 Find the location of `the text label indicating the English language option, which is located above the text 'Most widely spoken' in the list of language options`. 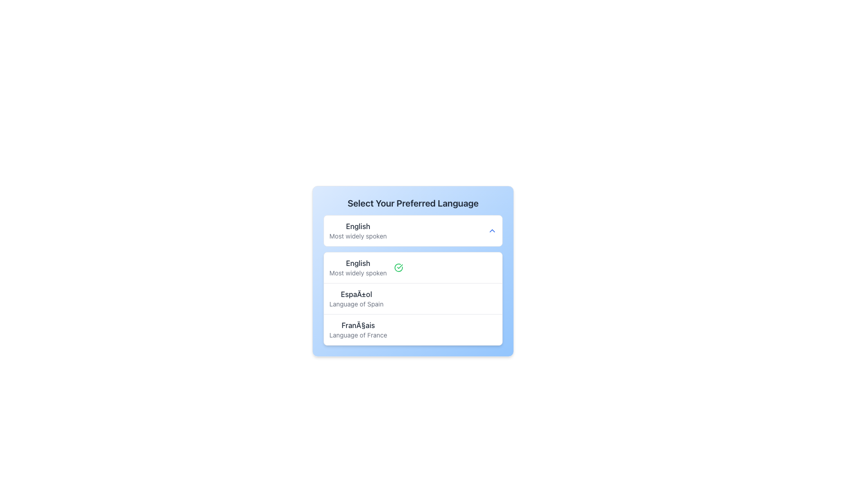

the text label indicating the English language option, which is located above the text 'Most widely spoken' in the list of language options is located at coordinates (357, 263).